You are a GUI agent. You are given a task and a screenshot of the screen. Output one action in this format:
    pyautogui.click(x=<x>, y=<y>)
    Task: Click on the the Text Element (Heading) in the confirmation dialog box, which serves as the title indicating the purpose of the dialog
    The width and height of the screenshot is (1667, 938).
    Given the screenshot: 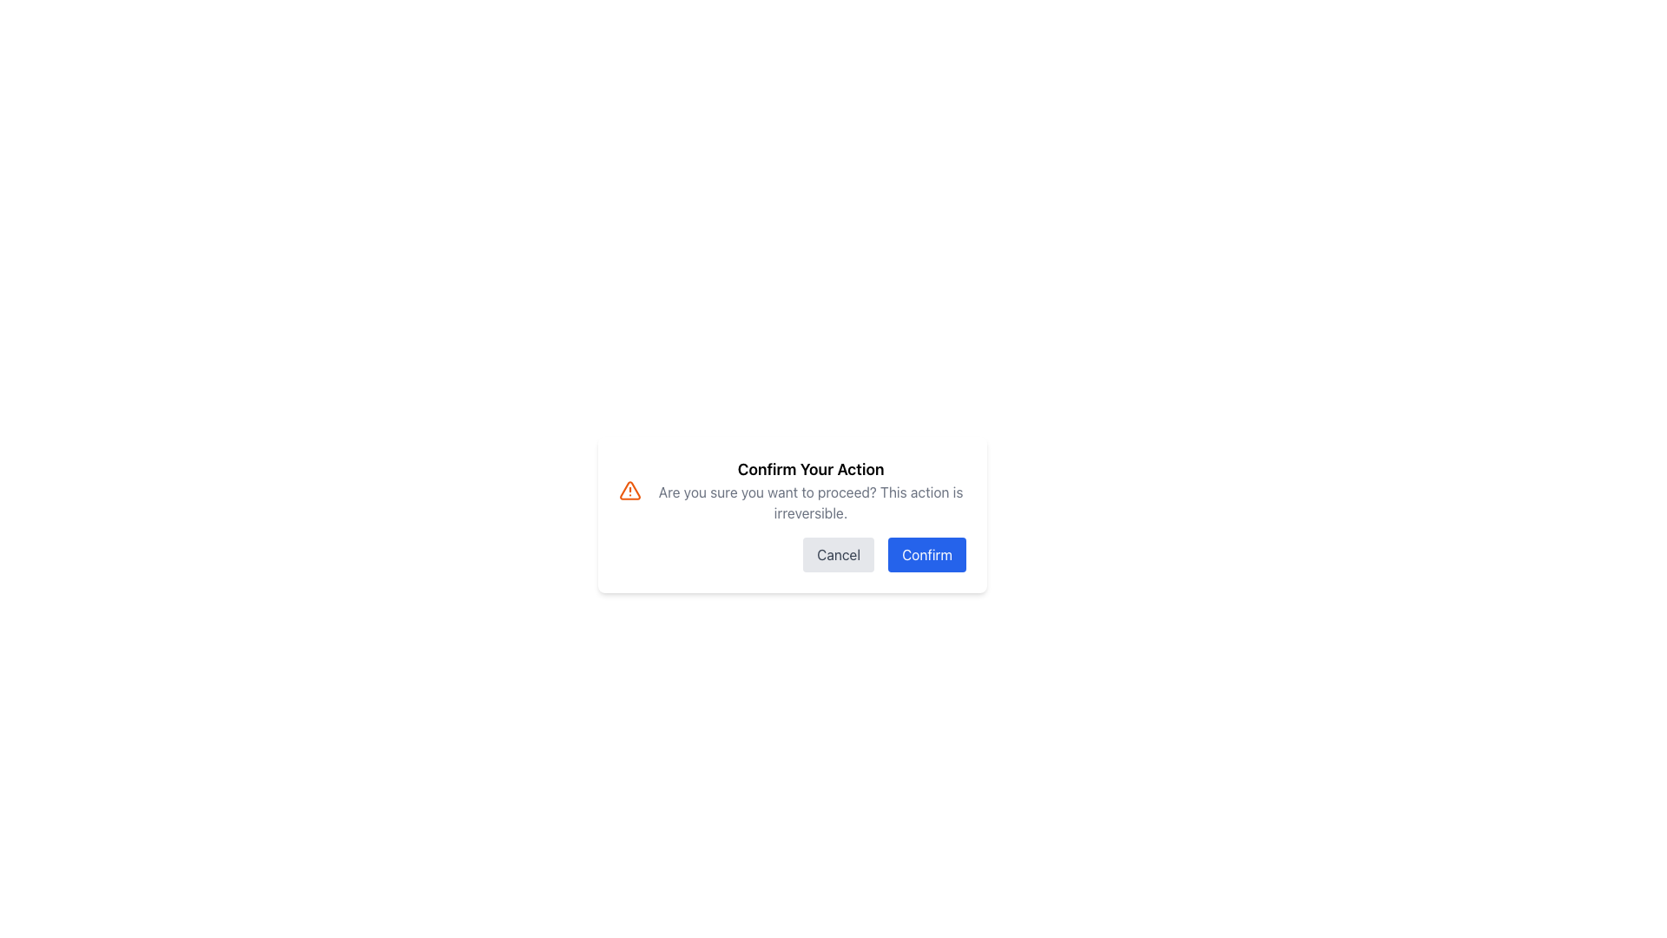 What is the action you would take?
    pyautogui.click(x=810, y=469)
    